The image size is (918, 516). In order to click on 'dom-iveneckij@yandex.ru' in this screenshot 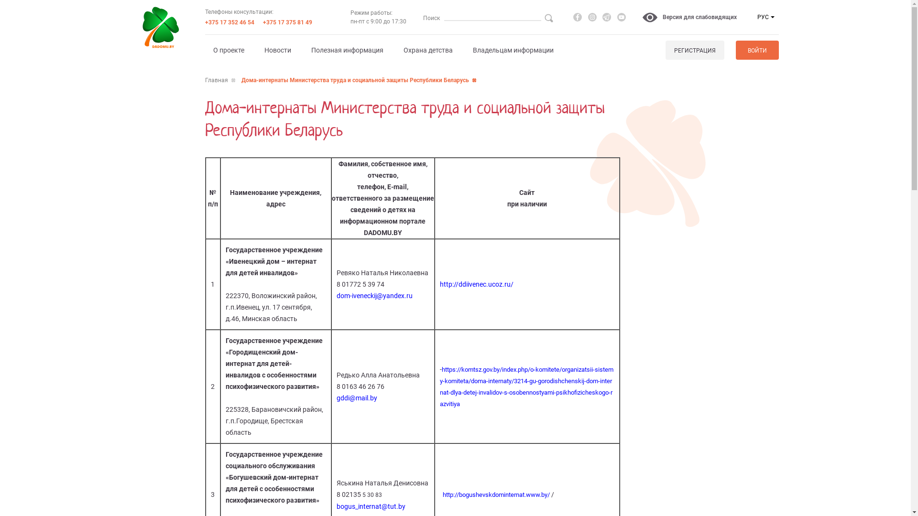, I will do `click(337, 295)`.